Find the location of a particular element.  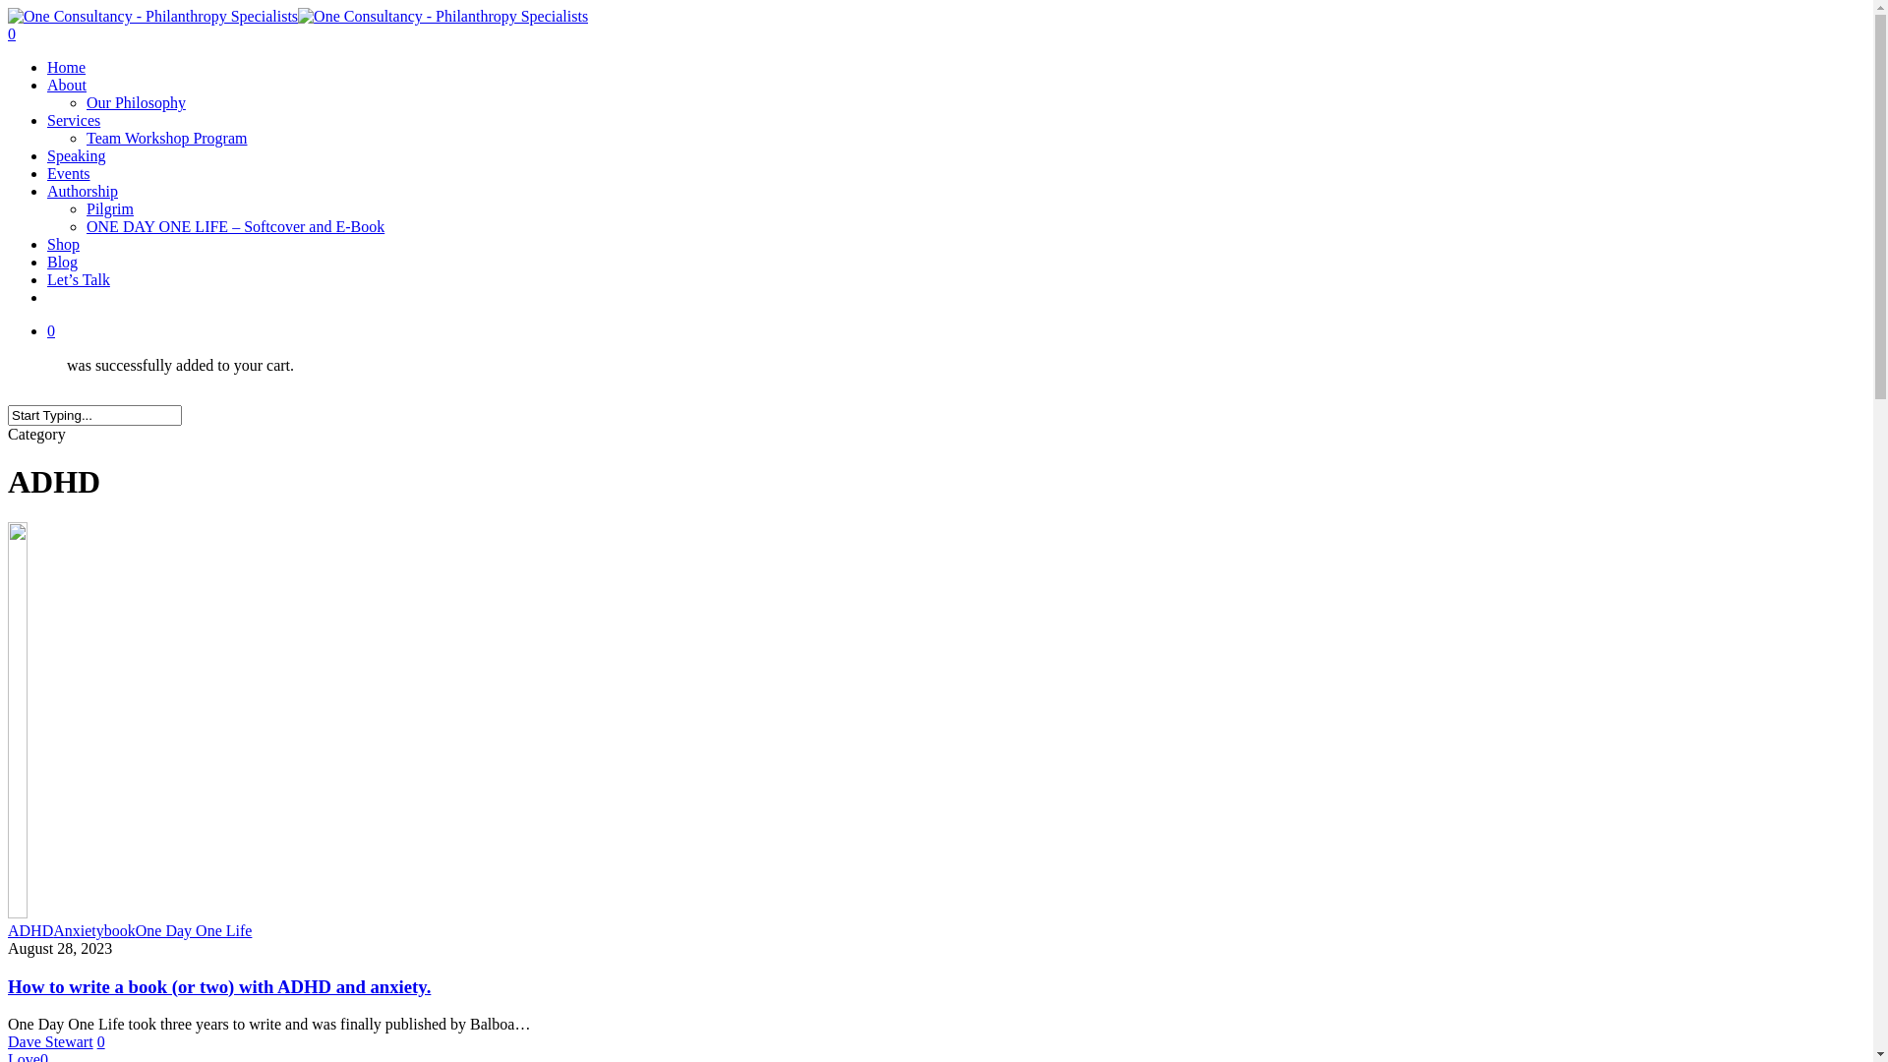

'Authorship' is located at coordinates (81, 191).